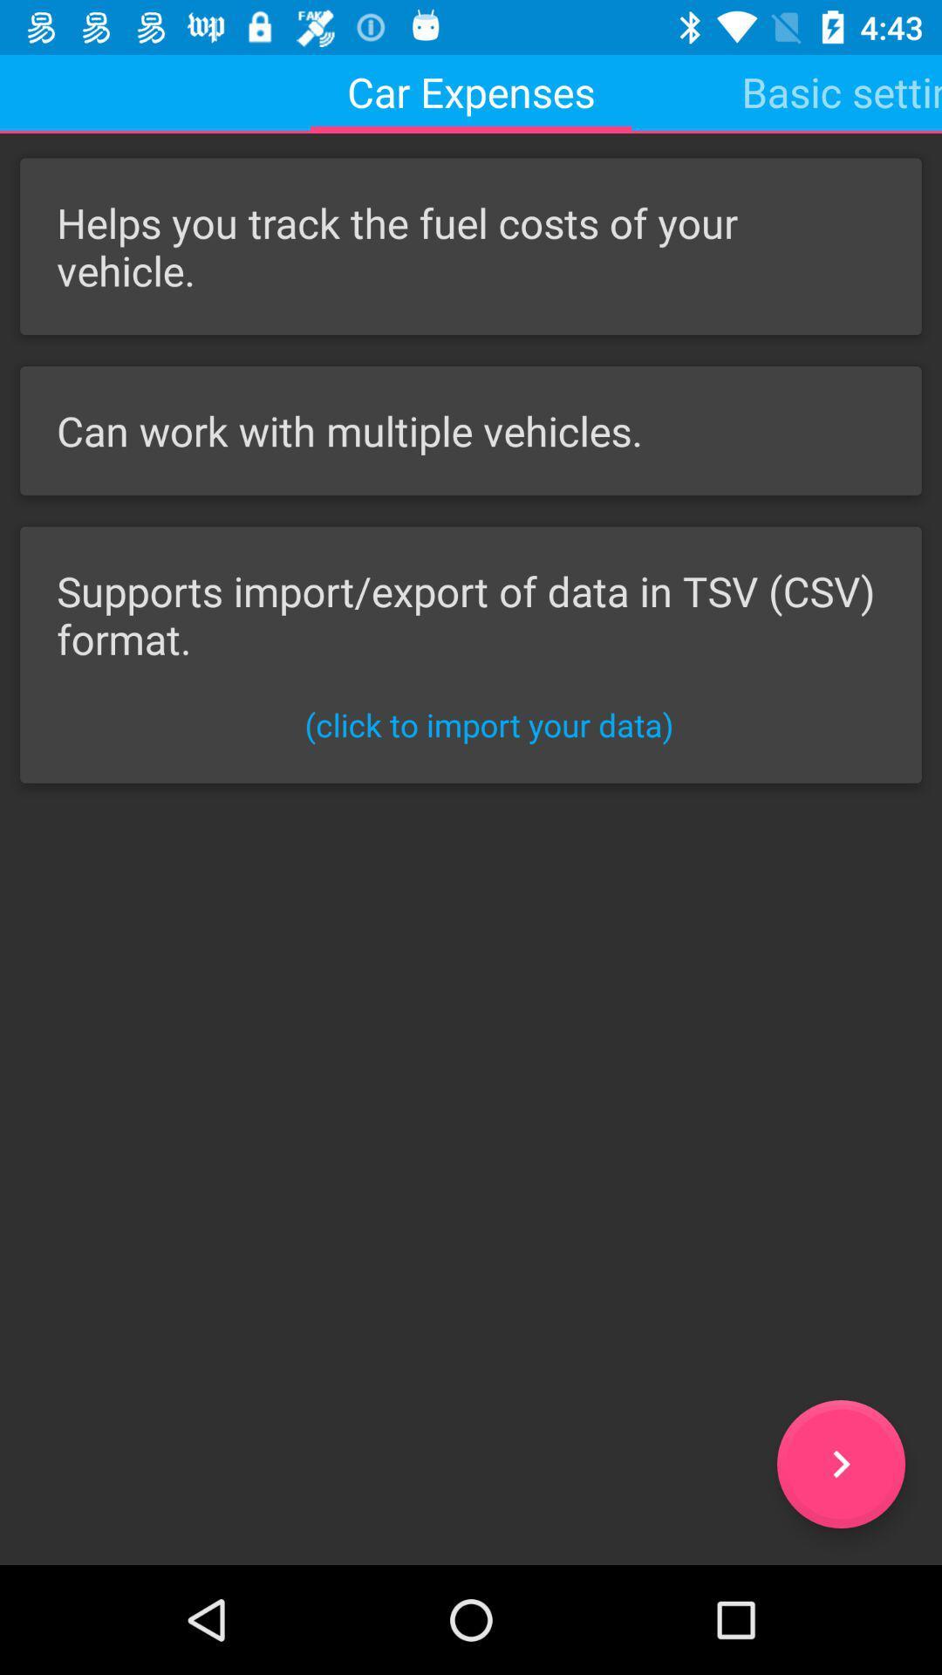 The width and height of the screenshot is (942, 1675). I want to click on icon below the supports import export, so click(488, 724).